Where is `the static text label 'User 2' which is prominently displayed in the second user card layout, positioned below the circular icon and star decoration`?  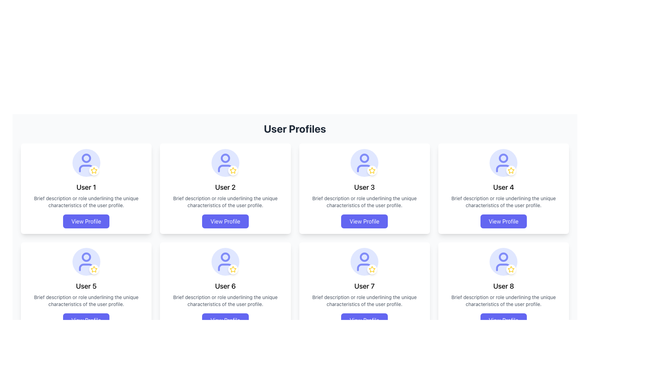
the static text label 'User 2' which is prominently displayed in the second user card layout, positioned below the circular icon and star decoration is located at coordinates (225, 187).